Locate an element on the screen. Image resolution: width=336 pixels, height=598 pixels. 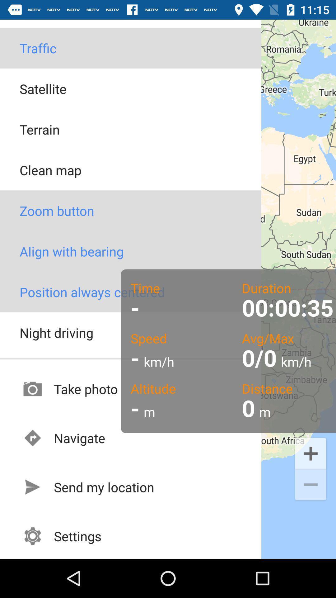
the add icon is located at coordinates (310, 453).